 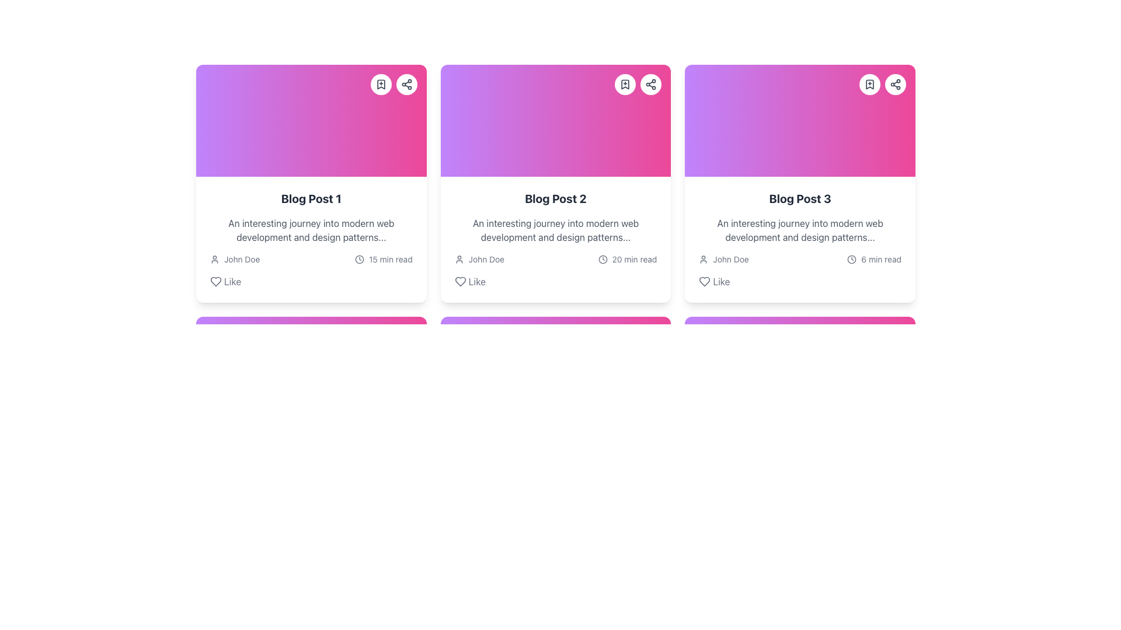 What do you see at coordinates (714, 281) in the screenshot?
I see `the 'Like' button, which features a heart-shaped icon and the text 'Like', located at the bottom left corner of the content card titled 'Blog Post 3'` at bounding box center [714, 281].